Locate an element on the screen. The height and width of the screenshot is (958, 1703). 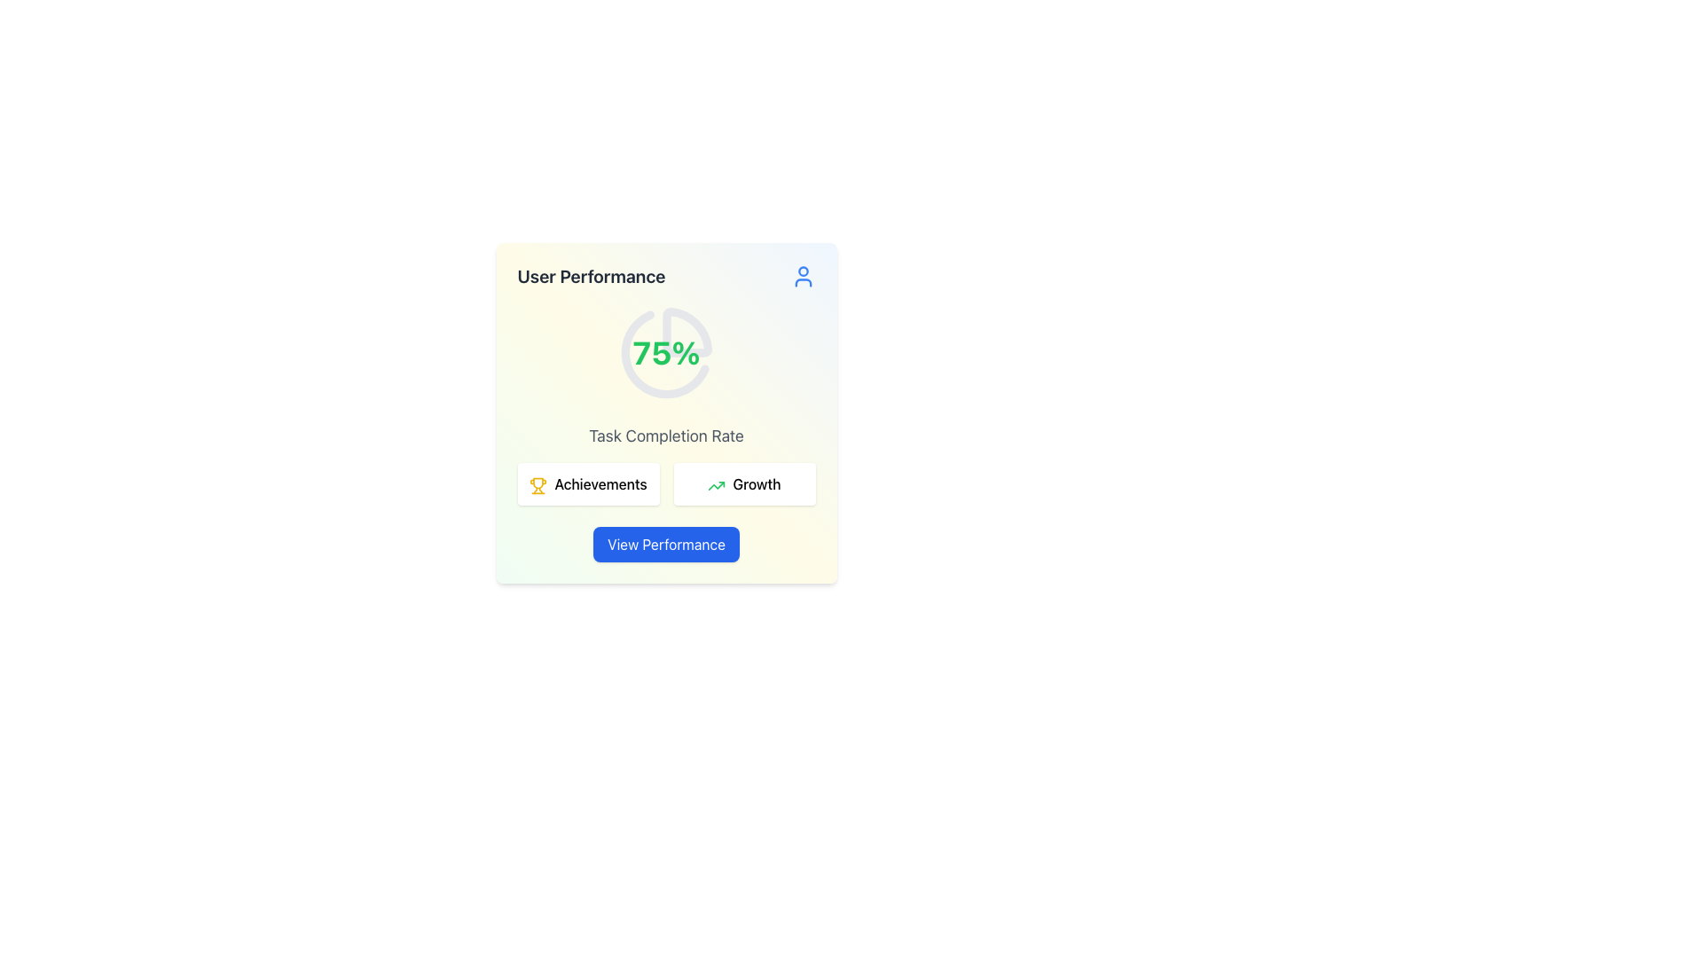
the non-interactive Label card displaying 'Achievements', which is the first card in the left column of a two-column grid layout is located at coordinates (588, 484).